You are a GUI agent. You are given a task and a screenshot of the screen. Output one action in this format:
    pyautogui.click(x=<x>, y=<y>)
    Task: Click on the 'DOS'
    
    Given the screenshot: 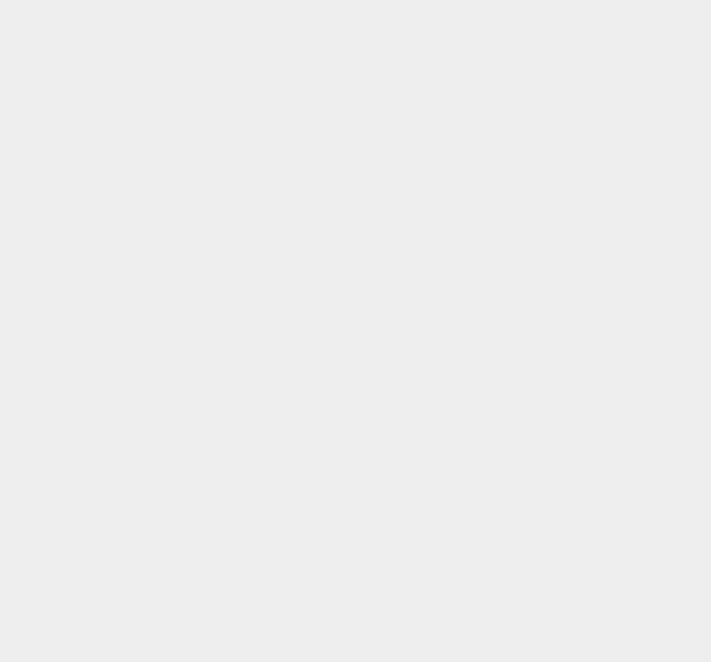 What is the action you would take?
    pyautogui.click(x=510, y=303)
    